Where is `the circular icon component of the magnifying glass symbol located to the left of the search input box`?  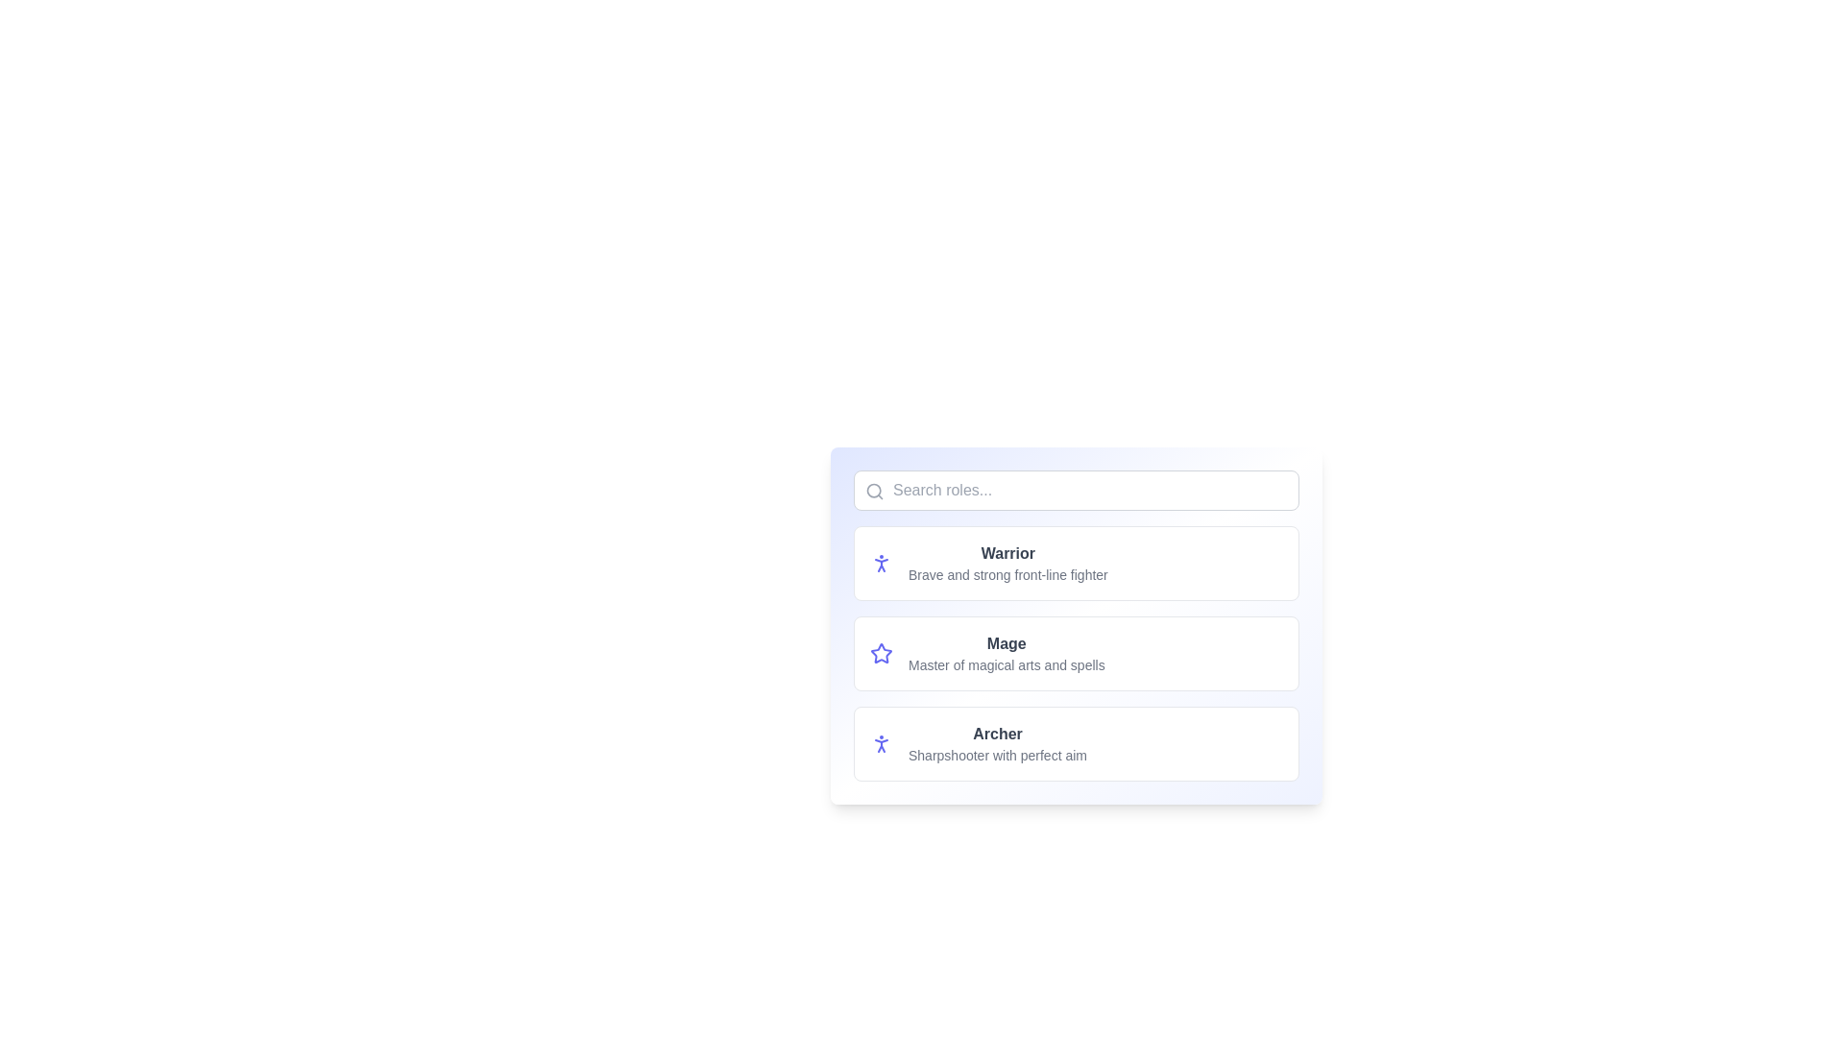
the circular icon component of the magnifying glass symbol located to the left of the search input box is located at coordinates (873, 490).